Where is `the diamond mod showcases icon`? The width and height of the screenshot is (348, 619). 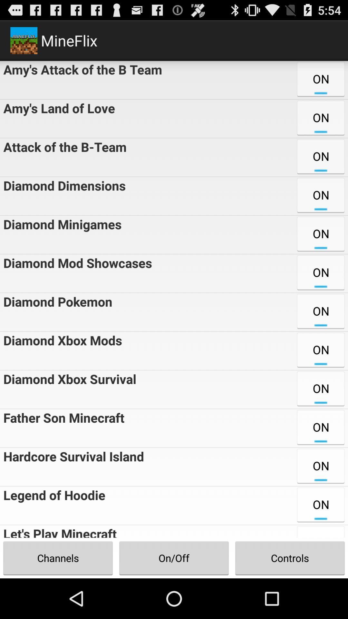
the diamond mod showcases icon is located at coordinates (75, 273).